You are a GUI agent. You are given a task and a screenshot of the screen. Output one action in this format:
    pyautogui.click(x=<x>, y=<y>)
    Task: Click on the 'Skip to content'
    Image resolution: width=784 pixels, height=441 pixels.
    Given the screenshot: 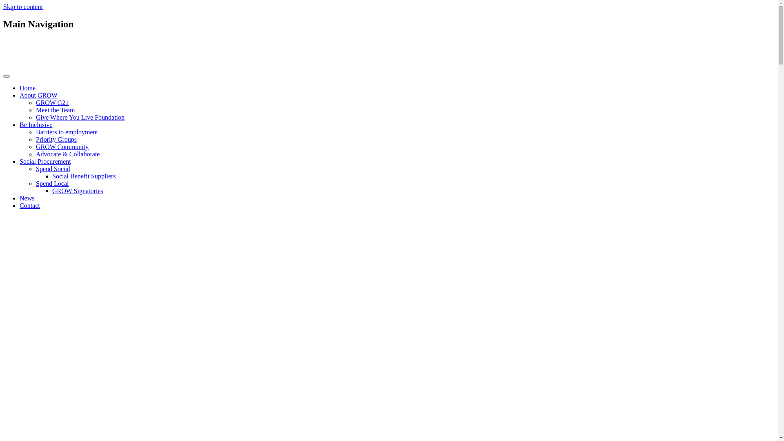 What is the action you would take?
    pyautogui.click(x=3, y=7)
    